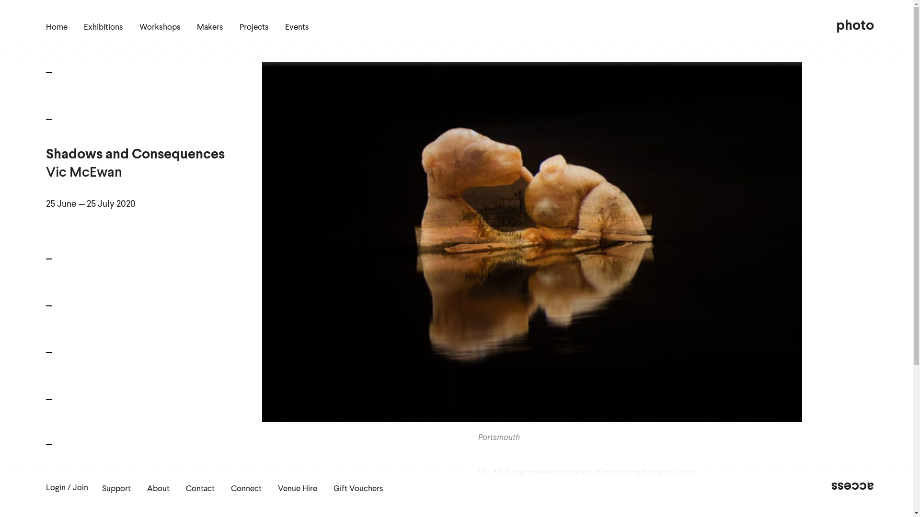  I want to click on 'access', so click(830, 486).